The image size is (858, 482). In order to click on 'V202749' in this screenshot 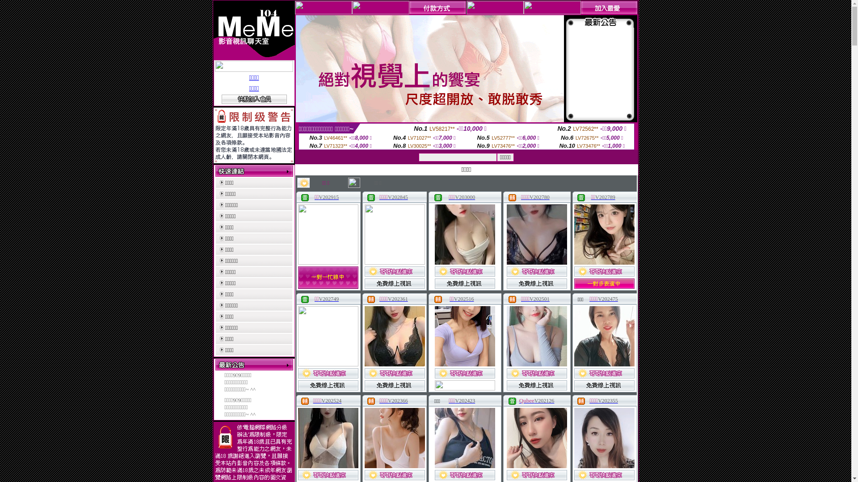, I will do `click(319, 299)`.